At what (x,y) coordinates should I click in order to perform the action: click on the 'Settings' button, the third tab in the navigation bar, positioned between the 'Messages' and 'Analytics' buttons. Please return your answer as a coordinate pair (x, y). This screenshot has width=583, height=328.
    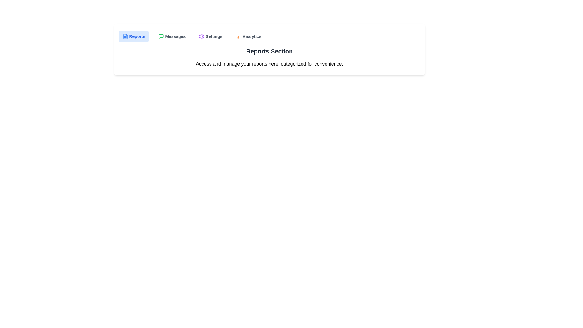
    Looking at the image, I should click on (210, 36).